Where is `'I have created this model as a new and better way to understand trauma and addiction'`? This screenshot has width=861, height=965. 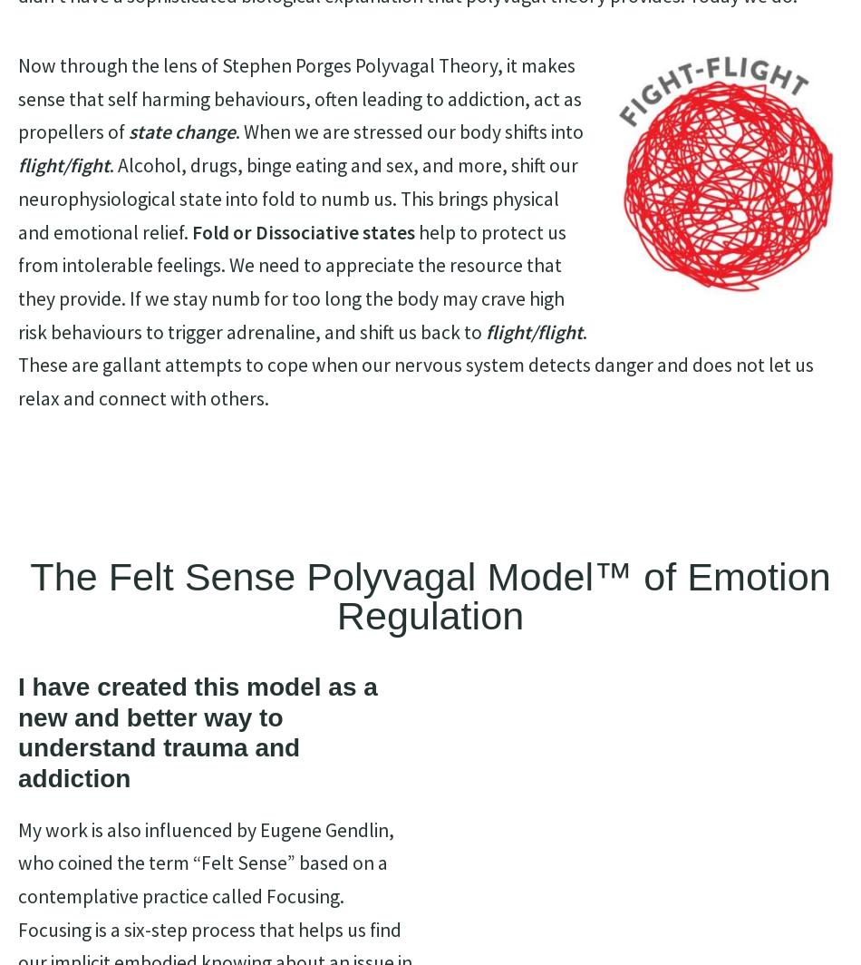 'I have created this model as a new and better way to understand trauma and addiction' is located at coordinates (18, 732).